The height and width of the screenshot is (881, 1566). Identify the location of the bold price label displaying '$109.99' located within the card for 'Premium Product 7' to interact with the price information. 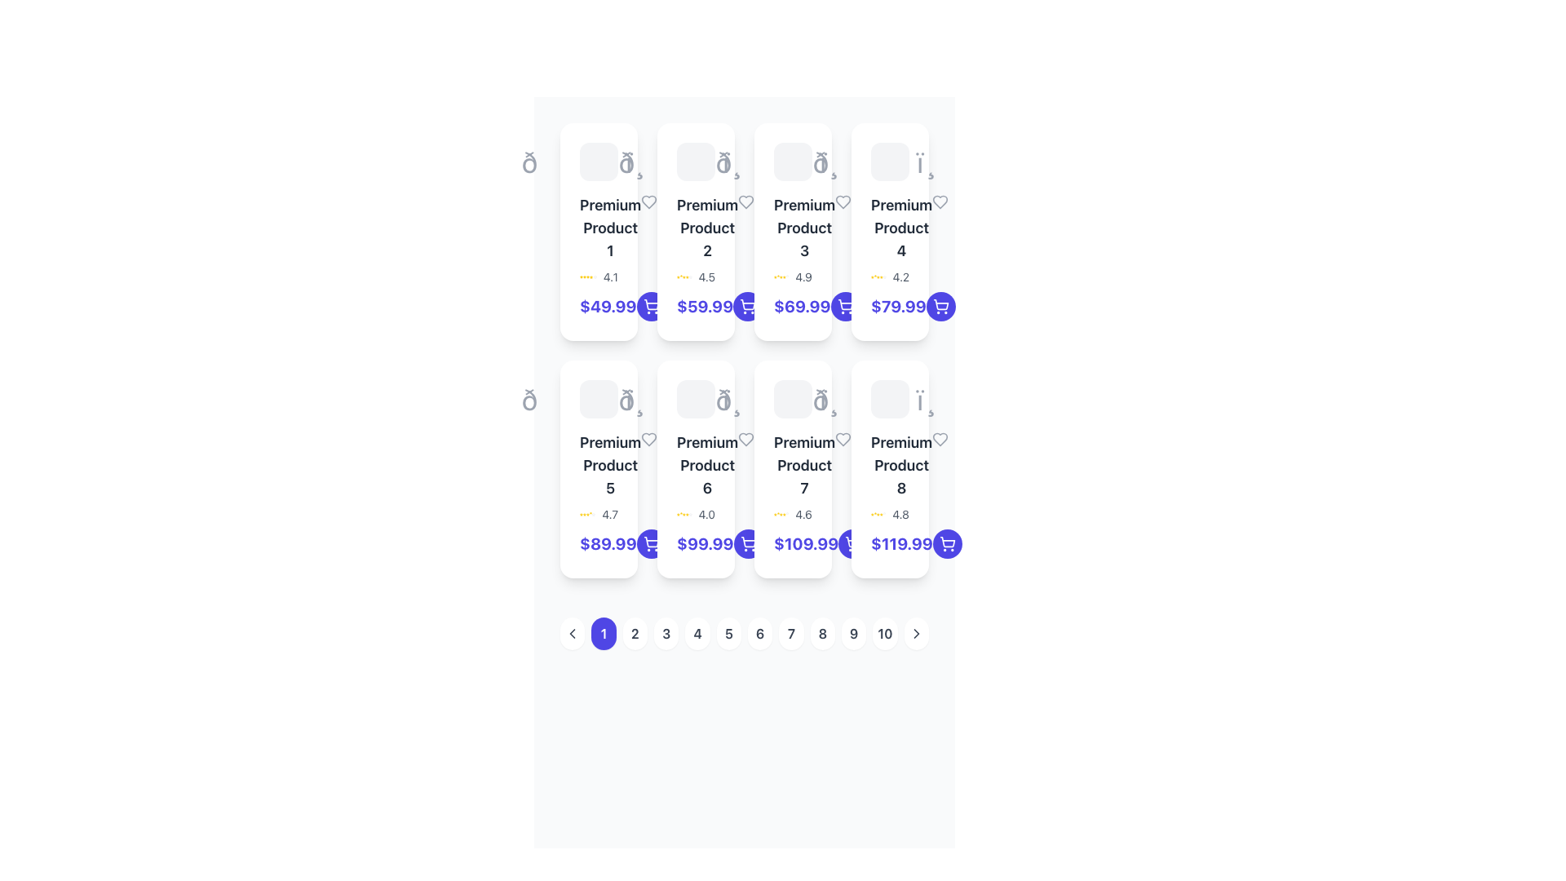
(793, 544).